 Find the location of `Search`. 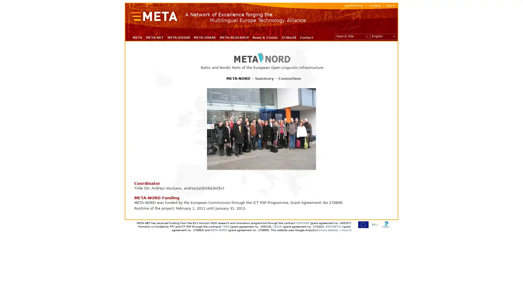

Search is located at coordinates (367, 36).